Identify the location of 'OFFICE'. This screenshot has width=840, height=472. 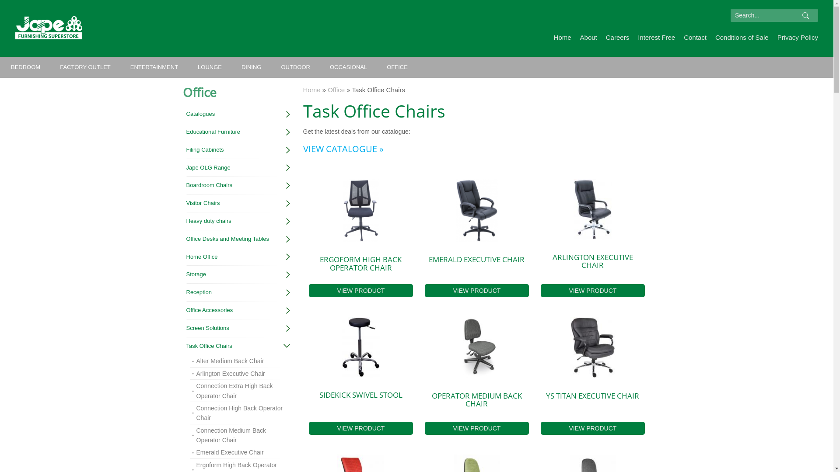
(396, 66).